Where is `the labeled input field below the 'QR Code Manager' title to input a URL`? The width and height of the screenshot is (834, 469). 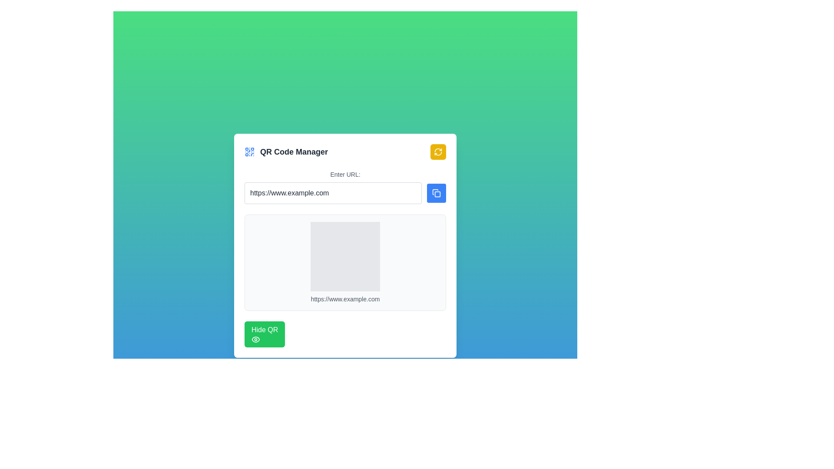
the labeled input field below the 'QR Code Manager' title to input a URL is located at coordinates (345, 187).